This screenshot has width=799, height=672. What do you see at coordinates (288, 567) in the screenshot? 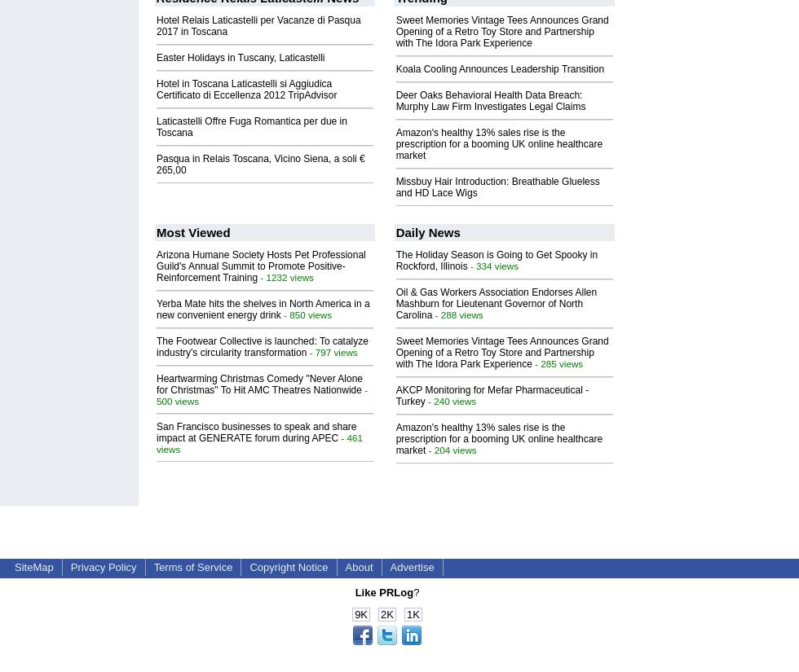
I see `'Copyright Notice'` at bounding box center [288, 567].